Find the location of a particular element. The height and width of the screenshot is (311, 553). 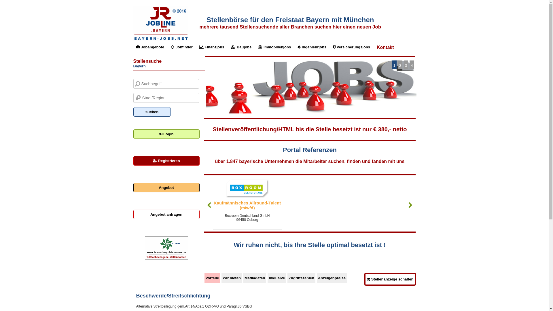

'Finanzjobs' is located at coordinates (212, 47).